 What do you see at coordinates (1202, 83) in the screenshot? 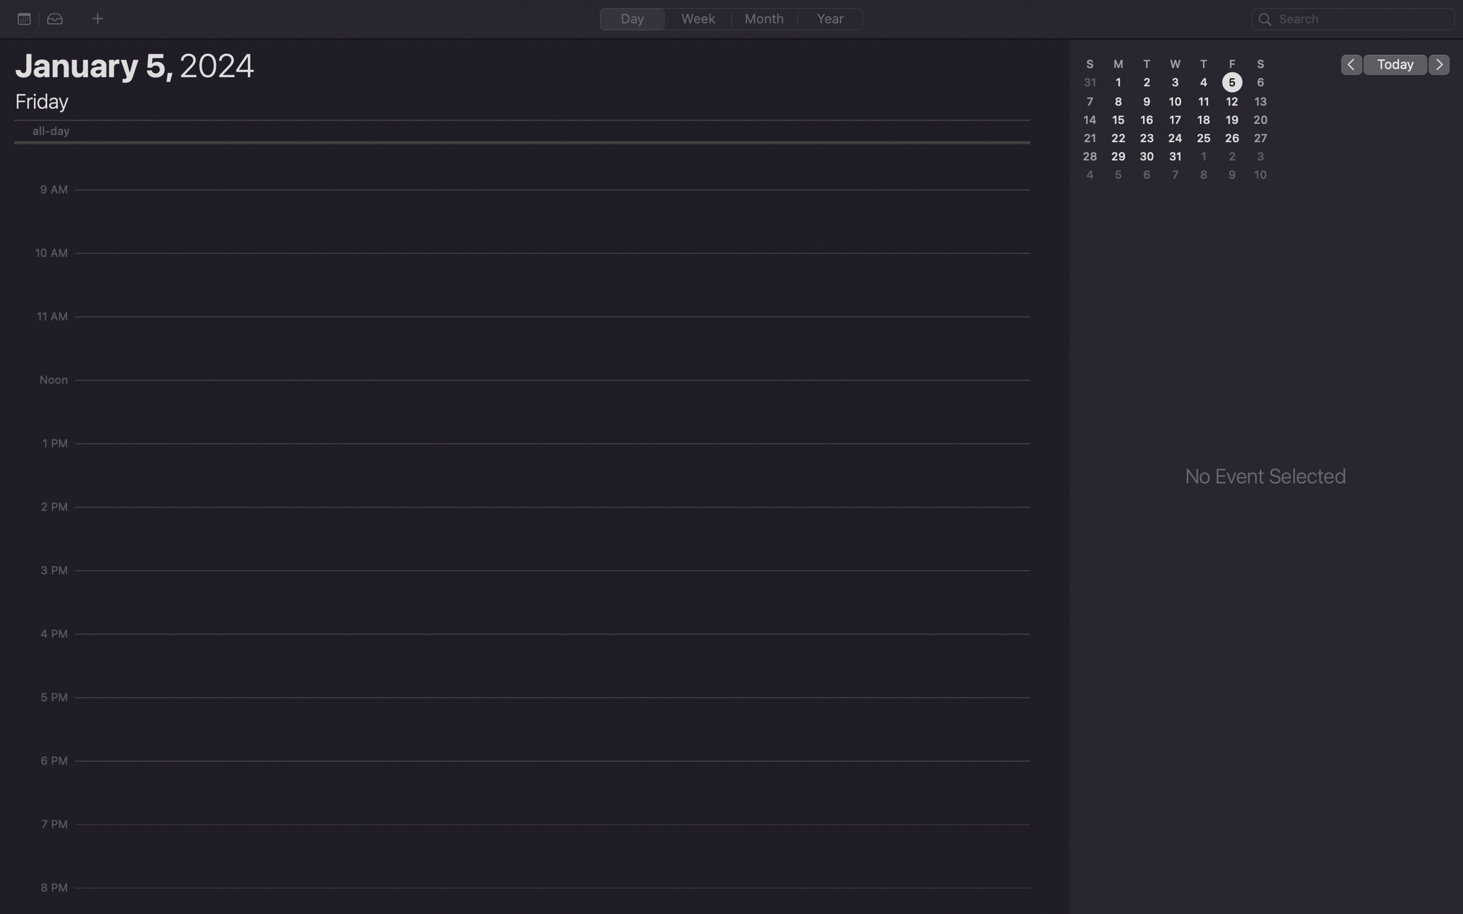
I see `the digit 4 on the screen` at bounding box center [1202, 83].